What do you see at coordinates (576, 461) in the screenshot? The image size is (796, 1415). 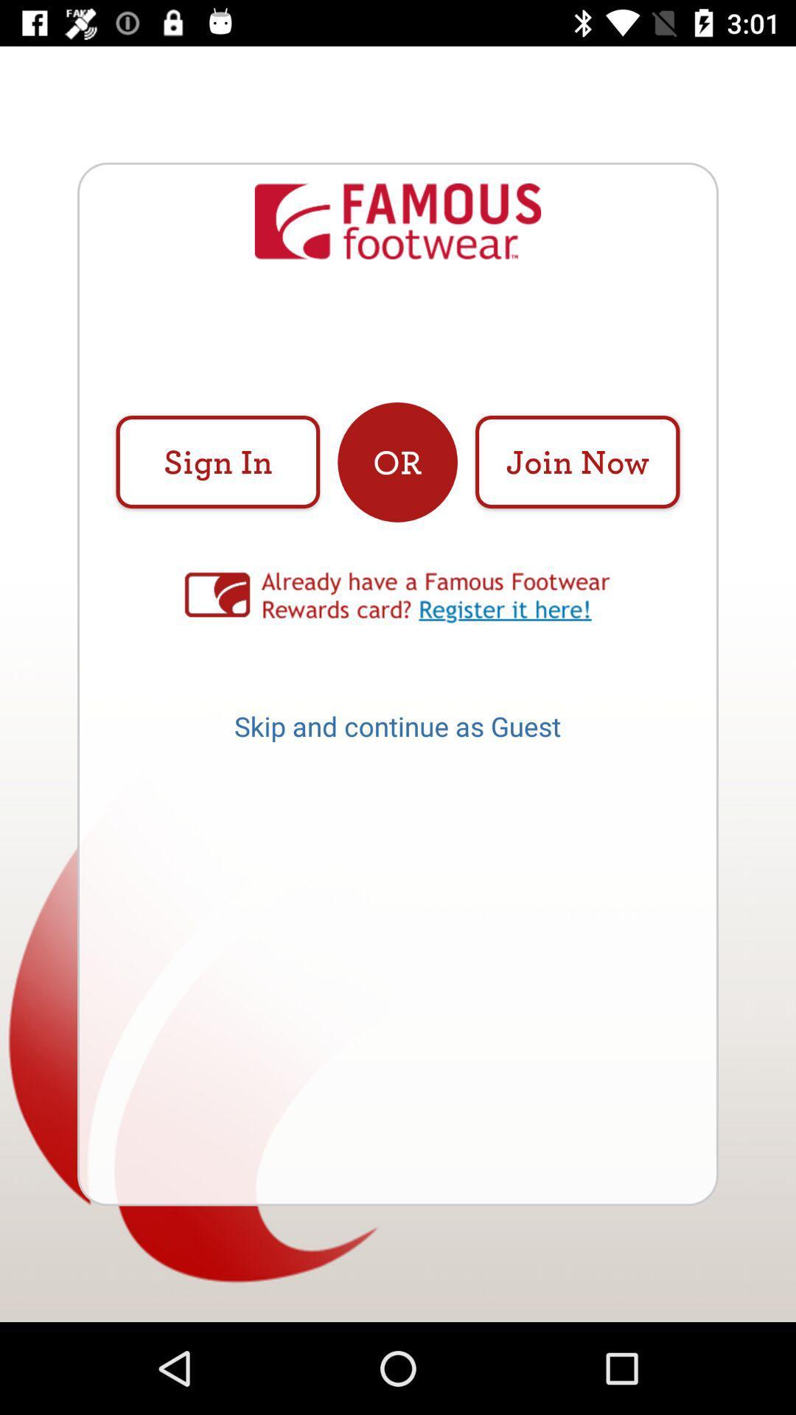 I see `the item to the right of the or` at bounding box center [576, 461].